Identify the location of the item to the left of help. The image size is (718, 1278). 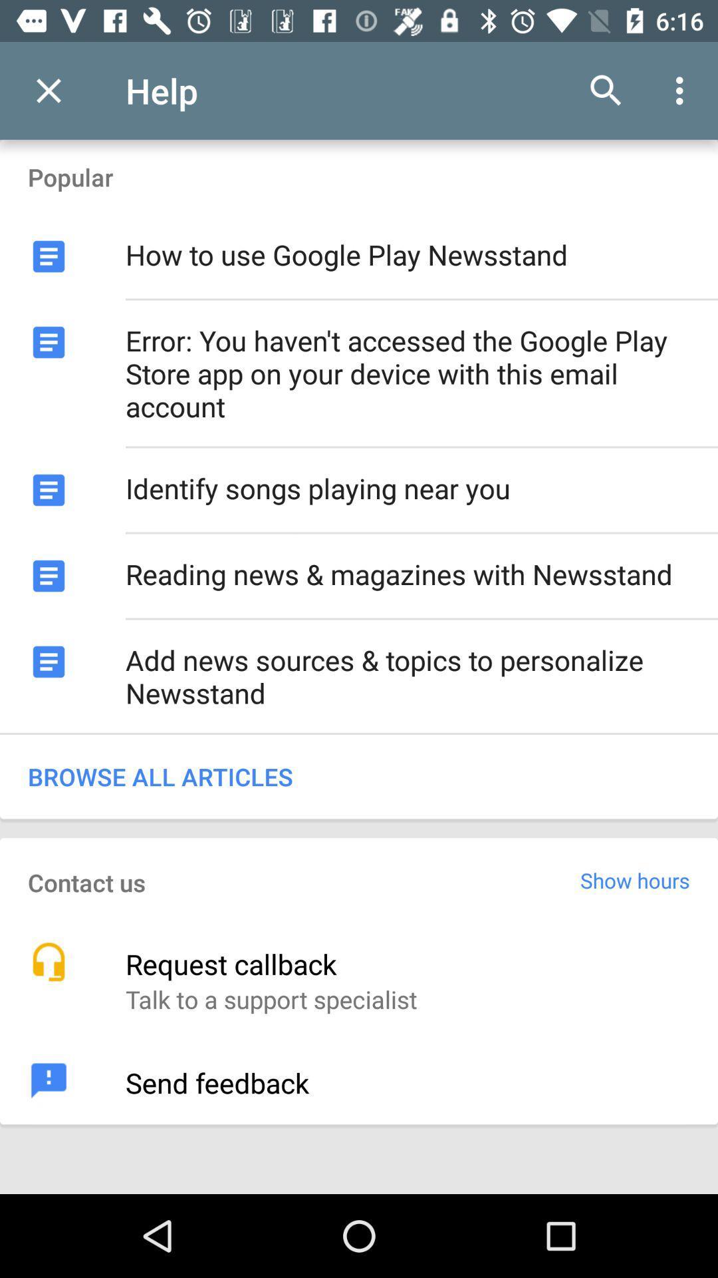
(48, 90).